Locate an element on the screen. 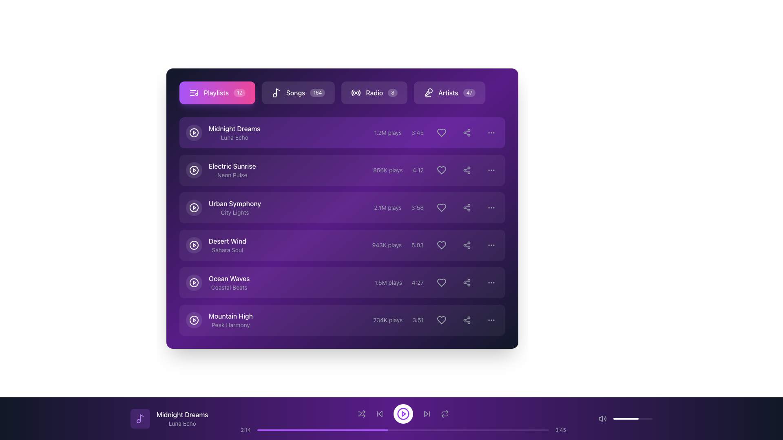 The height and width of the screenshot is (440, 783). the static text element labeled 'Peak Harmony', which is styled in light gray and positioned below 'Mountain High' in the lower-right quadrant of the interface is located at coordinates (230, 325).